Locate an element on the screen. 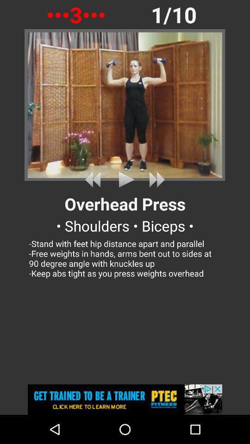 This screenshot has height=444, width=250. go is located at coordinates (94, 179).